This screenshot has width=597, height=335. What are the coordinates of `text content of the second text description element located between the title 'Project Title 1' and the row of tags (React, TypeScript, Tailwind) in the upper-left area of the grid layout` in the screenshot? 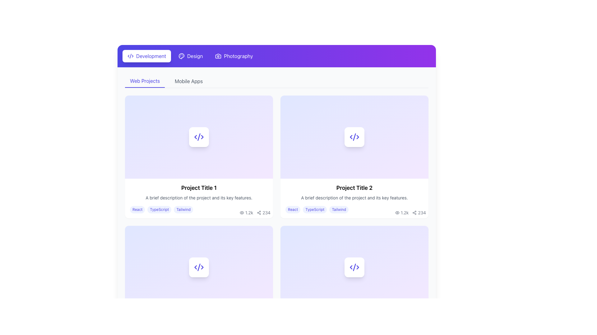 It's located at (198, 198).